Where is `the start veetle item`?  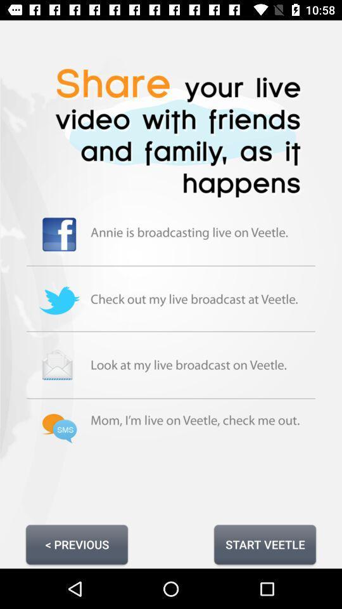
the start veetle item is located at coordinates (264, 544).